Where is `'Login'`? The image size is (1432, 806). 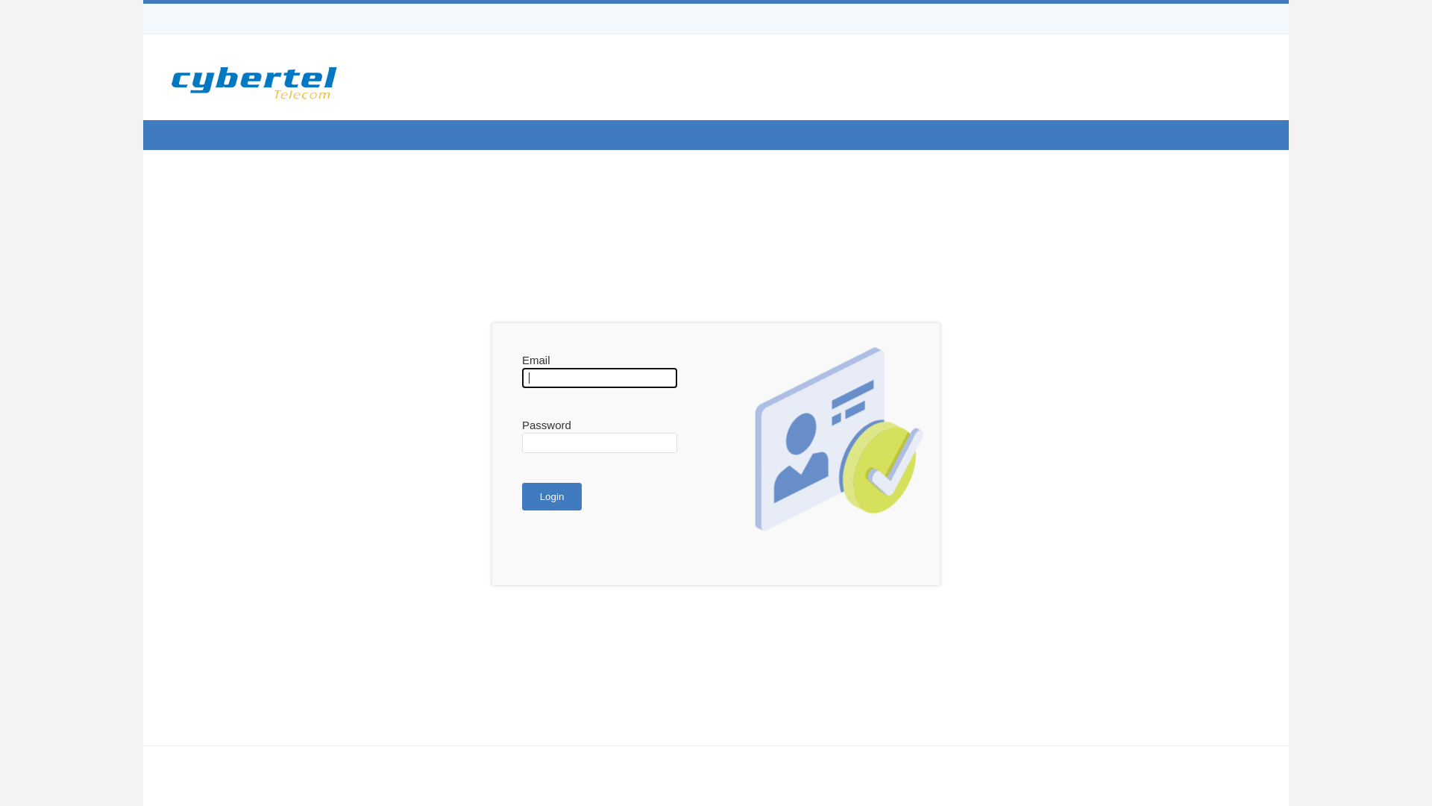 'Login' is located at coordinates (550, 496).